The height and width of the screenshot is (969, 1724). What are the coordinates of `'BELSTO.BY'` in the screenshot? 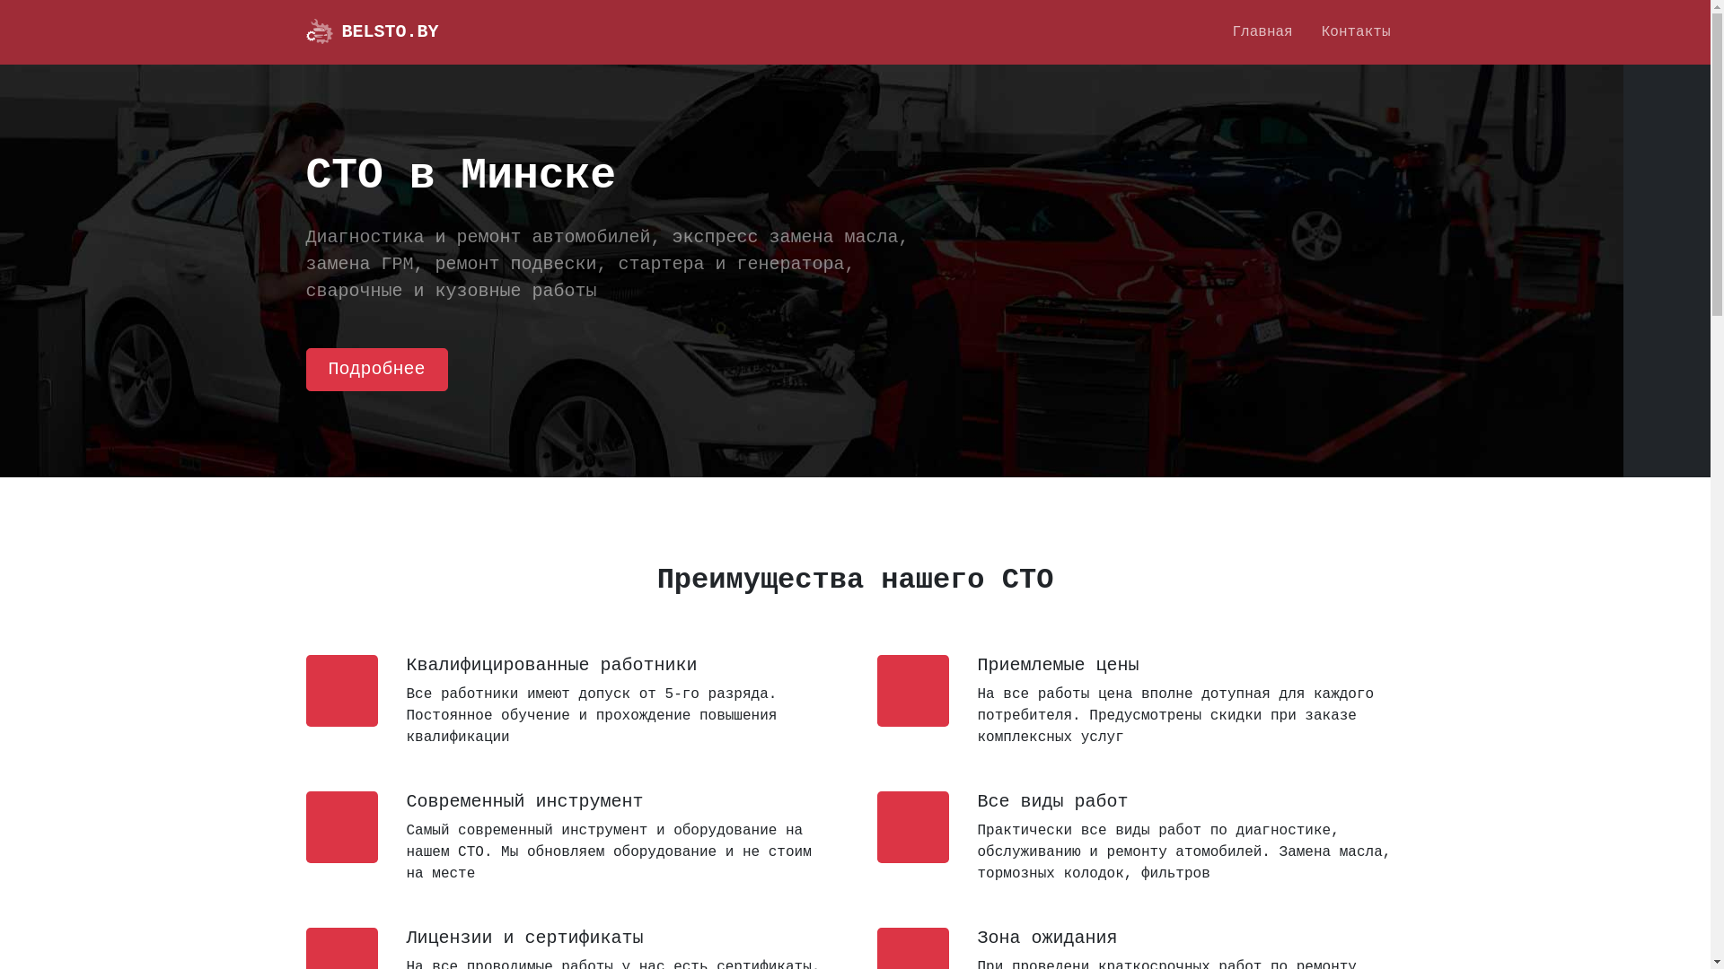 It's located at (370, 31).